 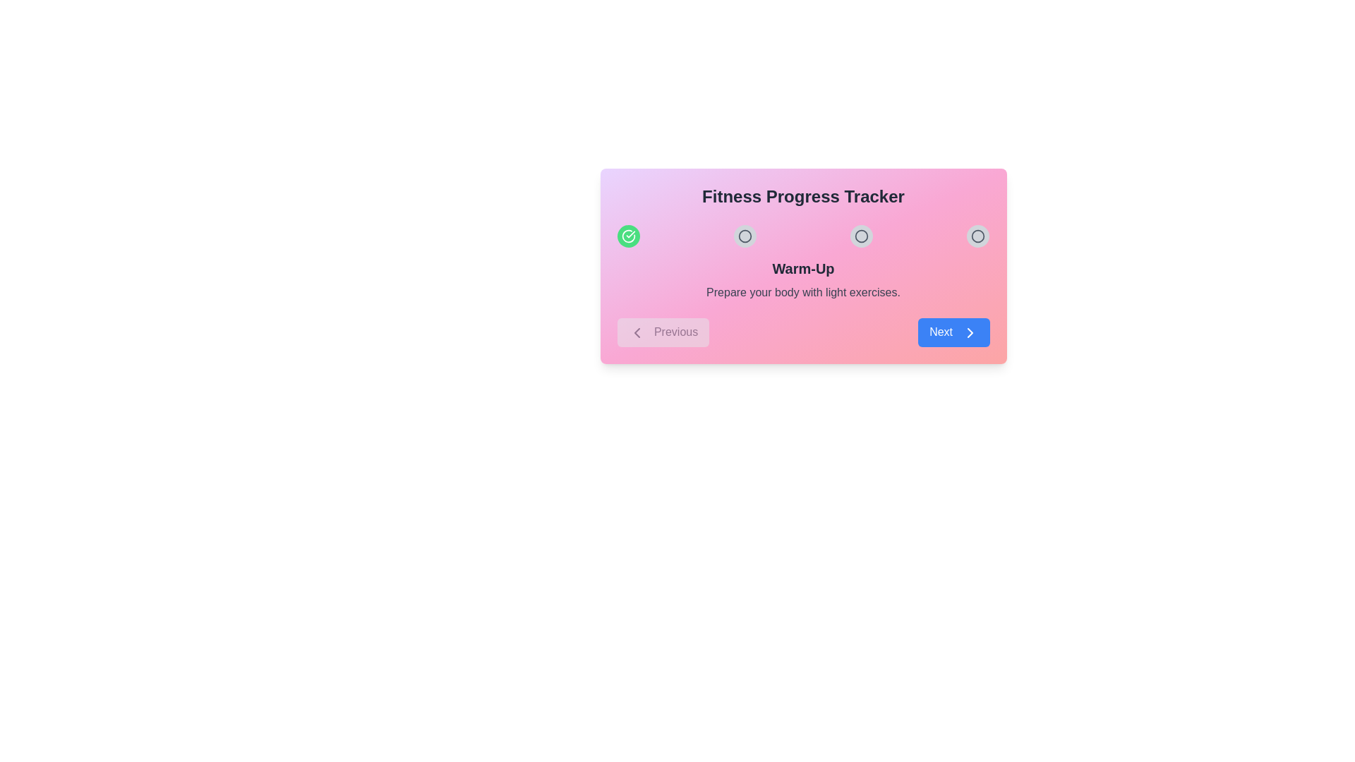 What do you see at coordinates (627, 236) in the screenshot?
I see `the first circular Indicator button on the leftmost side of the progress tracker interface` at bounding box center [627, 236].